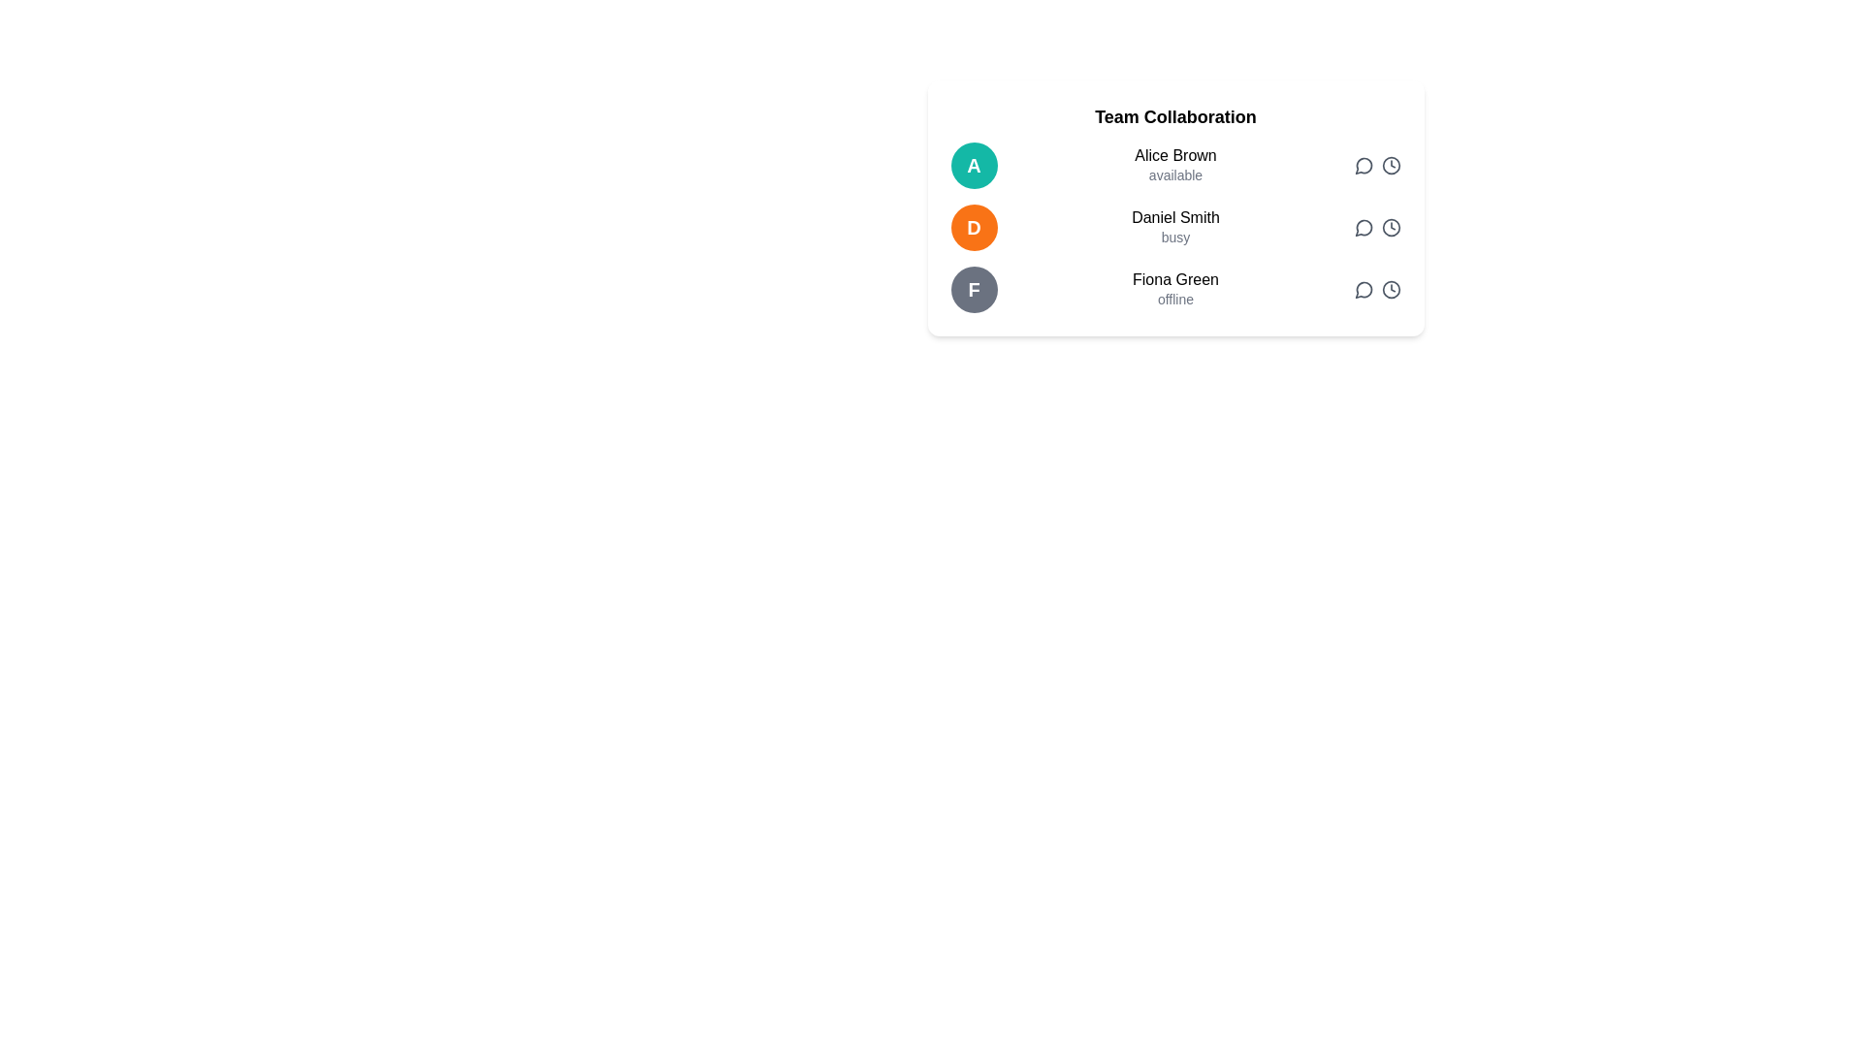  I want to click on the second icon from the right, so click(1390, 227).